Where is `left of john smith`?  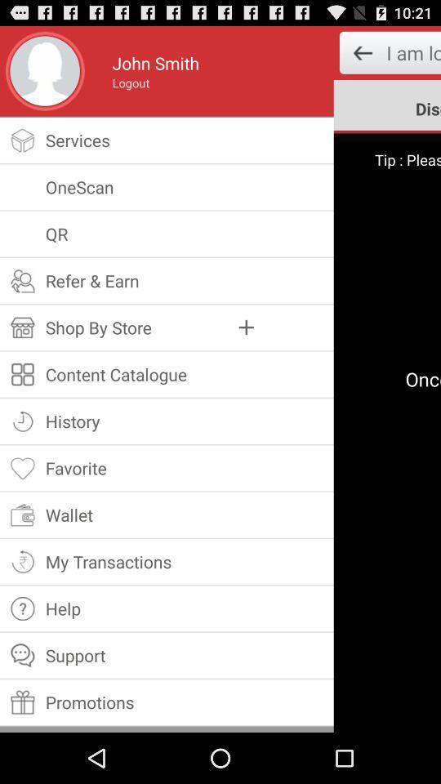
left of john smith is located at coordinates (45, 70).